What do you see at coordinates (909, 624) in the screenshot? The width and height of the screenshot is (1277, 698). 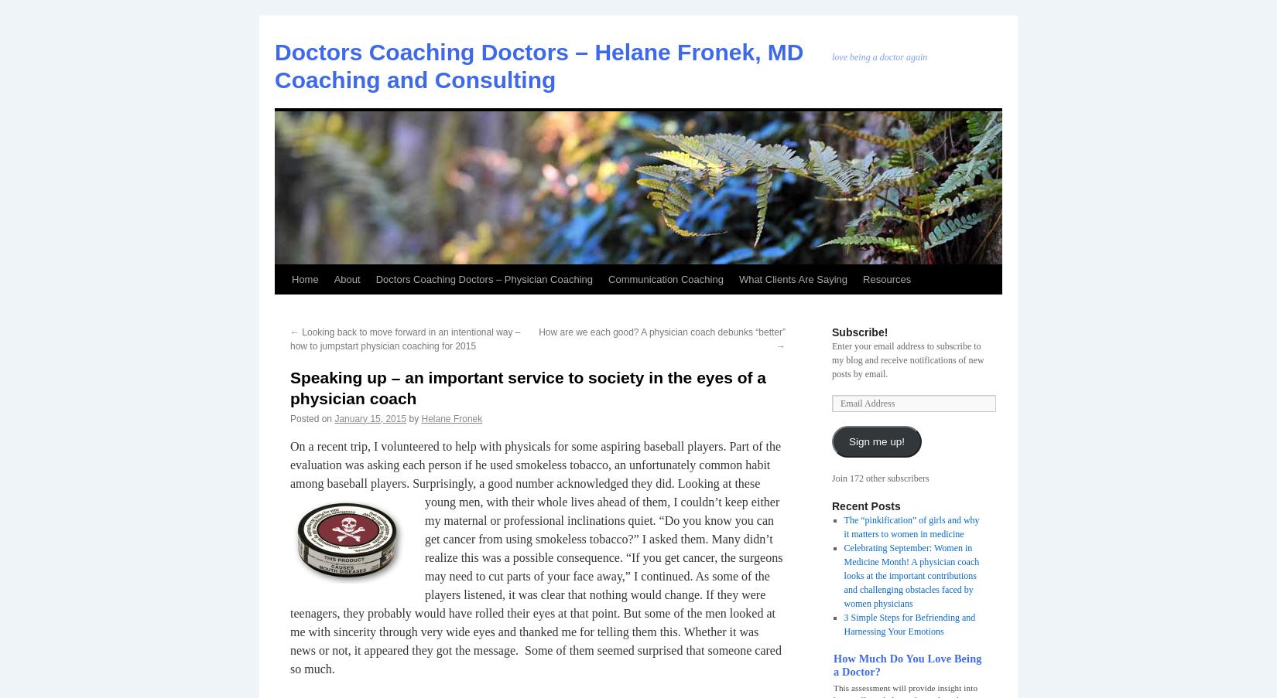 I see `'3 Simple Steps for Befriending and Harnessing Your Emotions'` at bounding box center [909, 624].